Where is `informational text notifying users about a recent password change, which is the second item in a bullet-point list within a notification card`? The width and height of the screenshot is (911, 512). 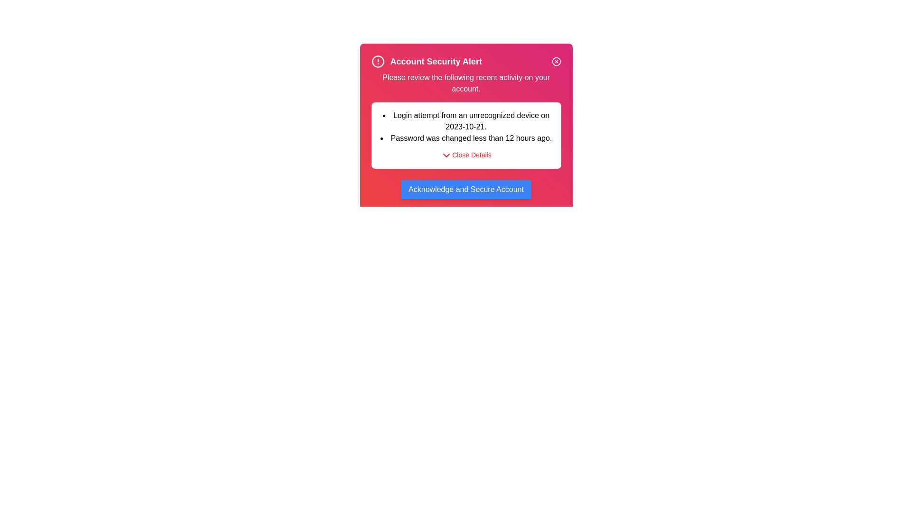
informational text notifying users about a recent password change, which is the second item in a bullet-point list within a notification card is located at coordinates (466, 138).